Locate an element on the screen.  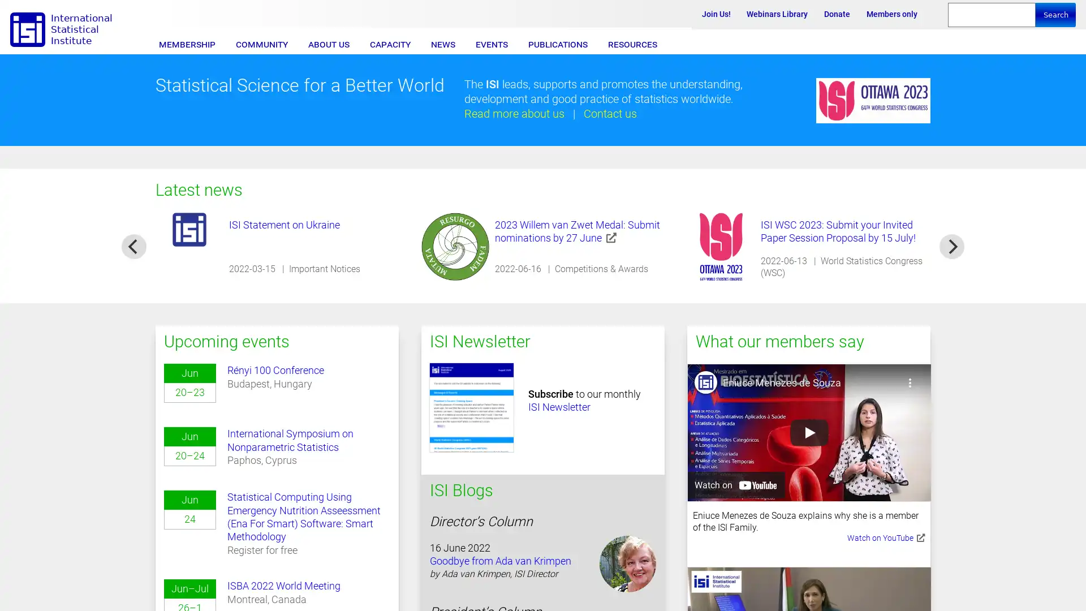
next is located at coordinates (951, 246).